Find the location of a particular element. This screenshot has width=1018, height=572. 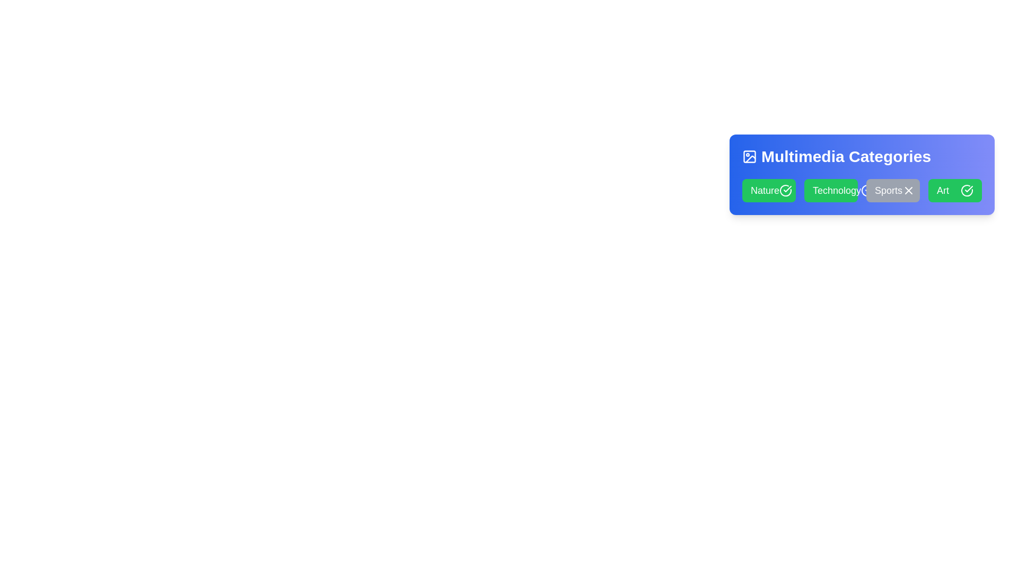

the checkmark icon inside the green circular background, which is part of the 'Art' button on the rightmost side of similar buttons is located at coordinates (787, 189).